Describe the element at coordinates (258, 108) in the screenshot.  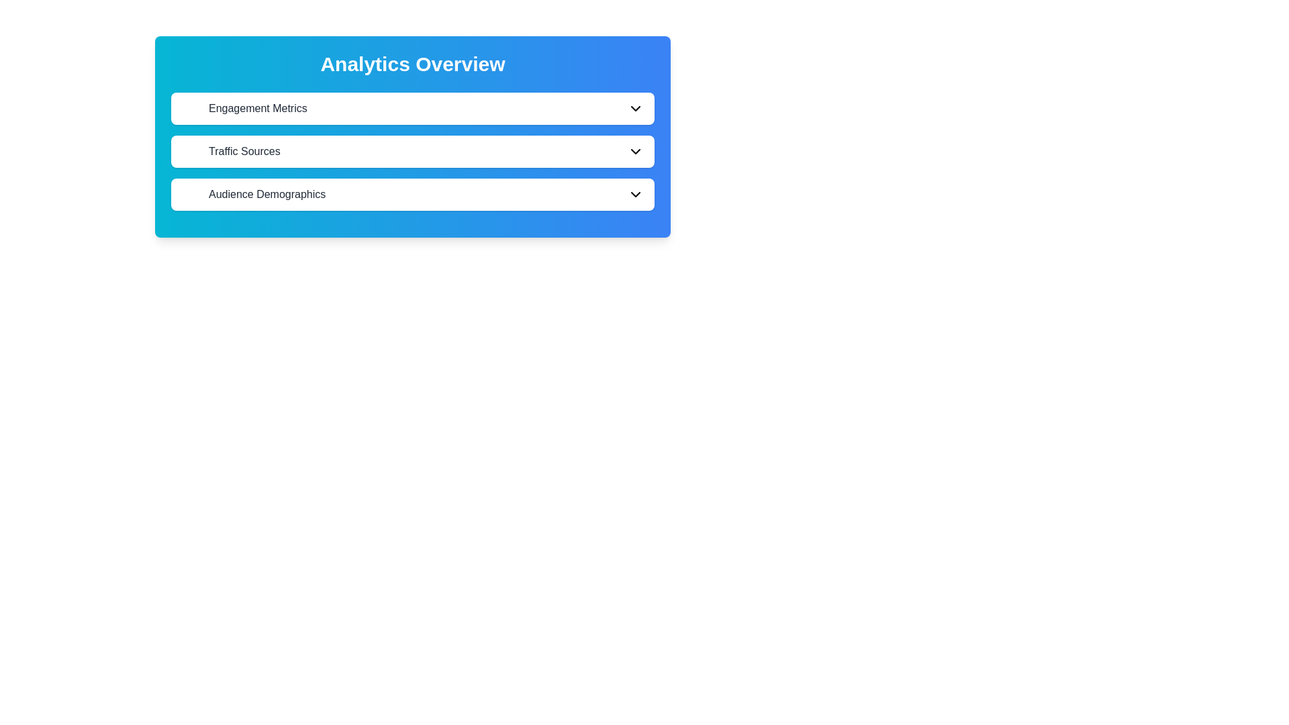
I see `the static text label or header indicating 'Engagement Metrics', located below the 'Analytics Overview' title and to the right of a user silhouette icon` at that location.